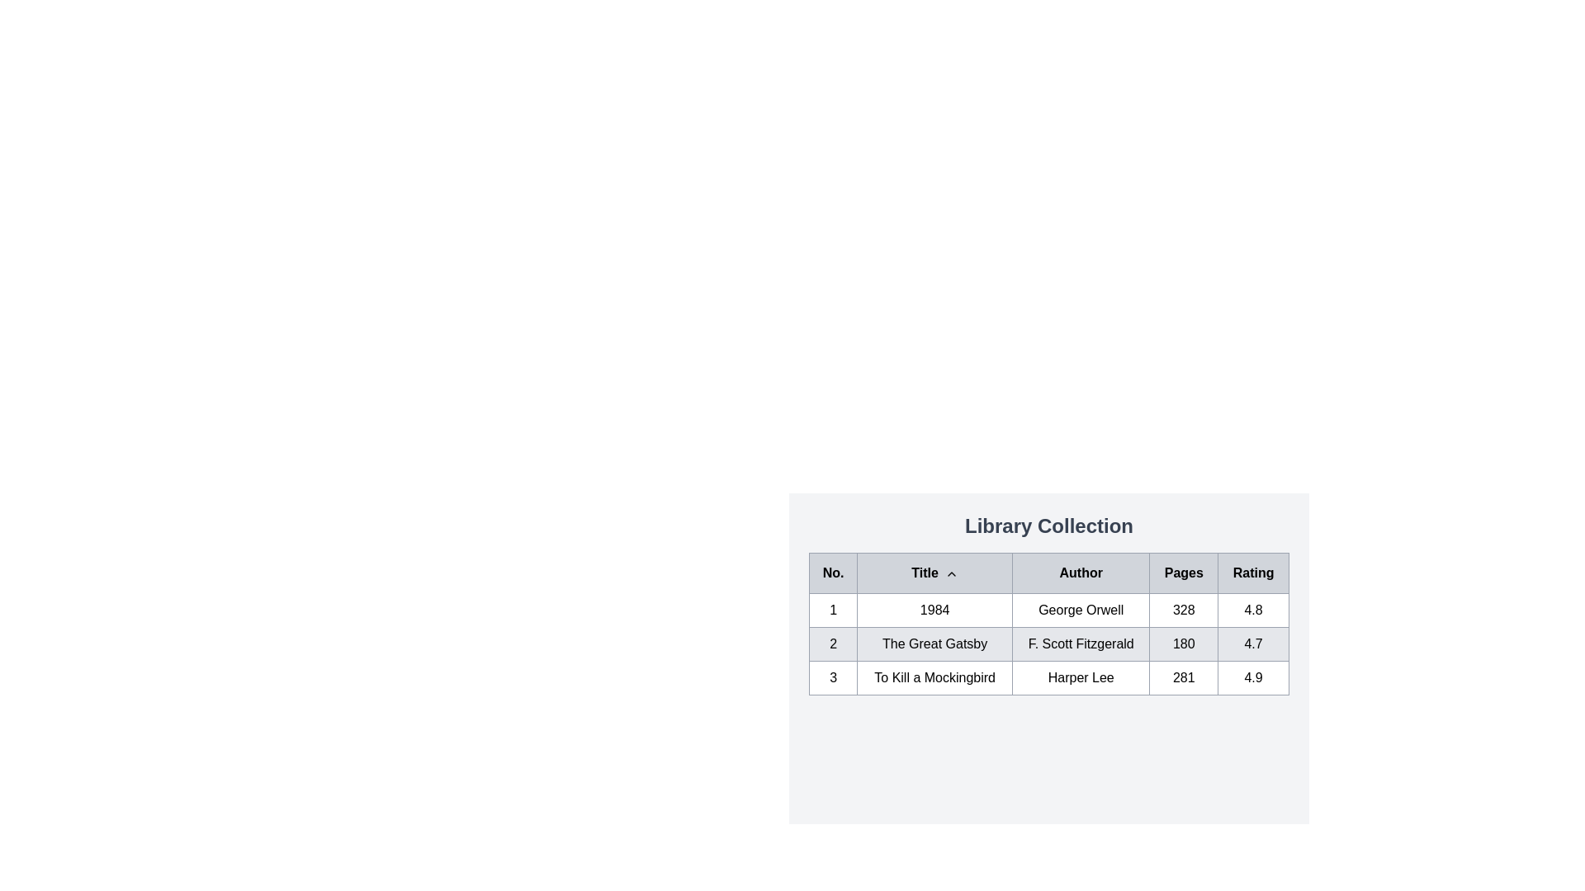 This screenshot has width=1585, height=891. Describe the element at coordinates (934, 610) in the screenshot. I see `the static text cell displaying '1984', located in the second cell of the first row under the 'Title' column of the table` at that location.